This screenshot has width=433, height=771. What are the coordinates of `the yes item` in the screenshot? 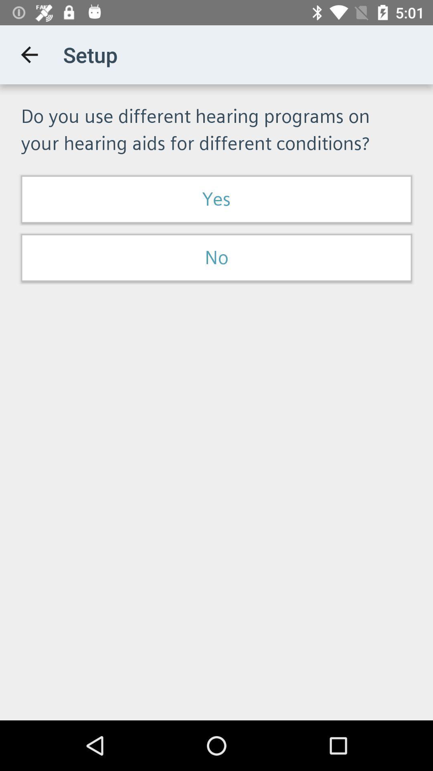 It's located at (216, 199).